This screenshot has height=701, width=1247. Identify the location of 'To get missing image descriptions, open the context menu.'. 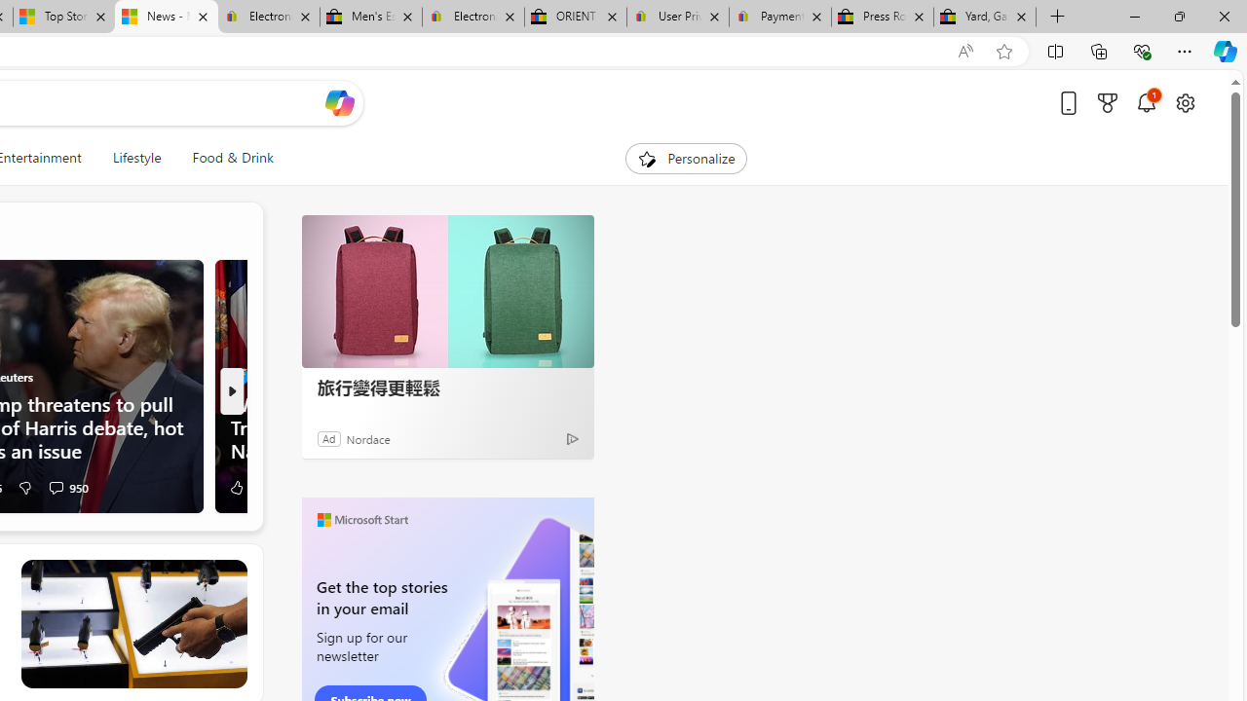
(647, 157).